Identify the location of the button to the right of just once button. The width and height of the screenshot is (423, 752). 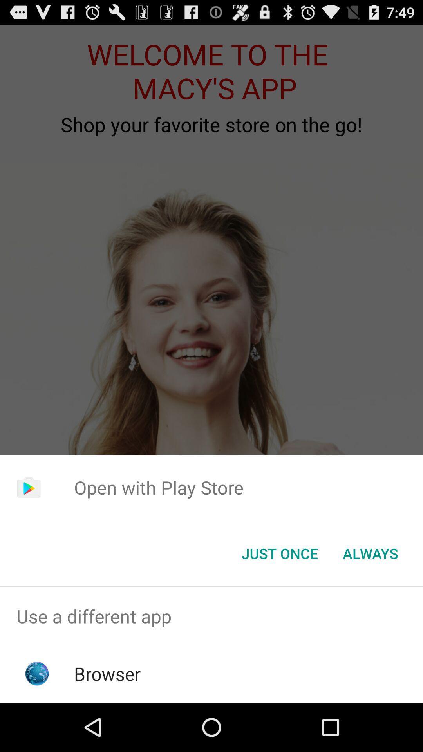
(370, 553).